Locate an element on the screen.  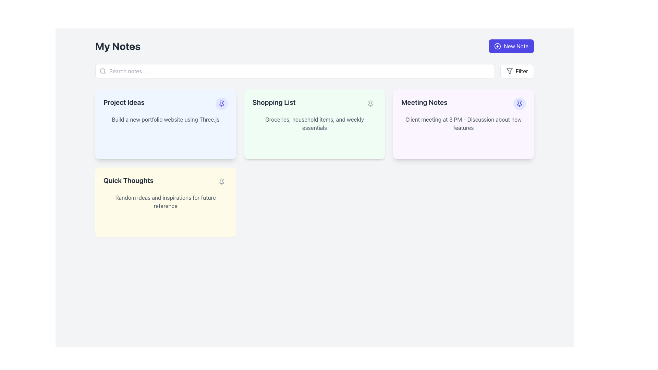
to select the 'Project Ideas' card, which is the first card in the grid layout representing a note or task about building a new portfolio website is located at coordinates (166, 124).